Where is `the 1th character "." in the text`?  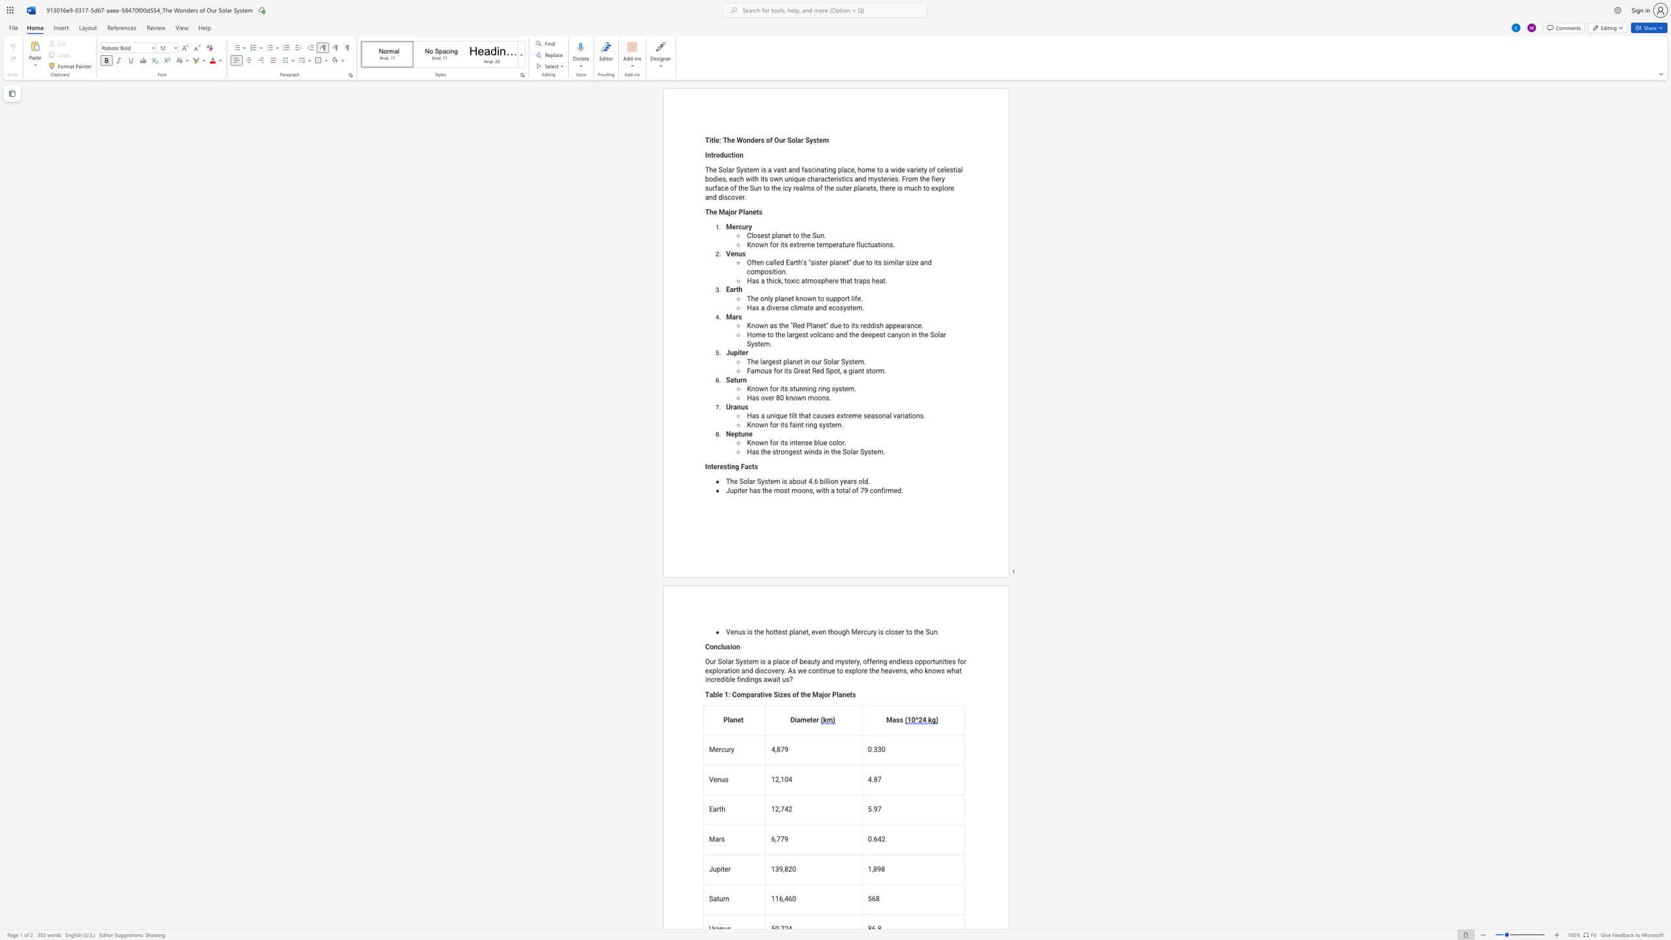 the 1th character "." in the text is located at coordinates (824, 235).